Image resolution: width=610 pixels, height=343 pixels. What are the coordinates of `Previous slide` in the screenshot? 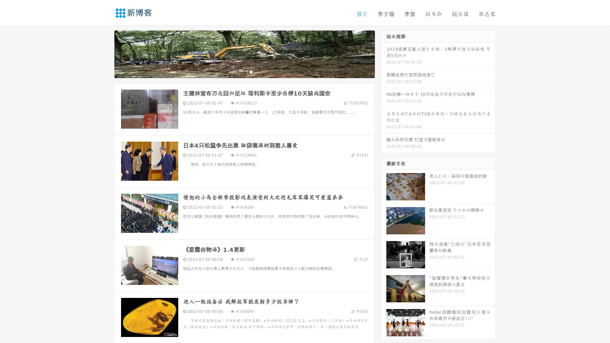 It's located at (105, 53).